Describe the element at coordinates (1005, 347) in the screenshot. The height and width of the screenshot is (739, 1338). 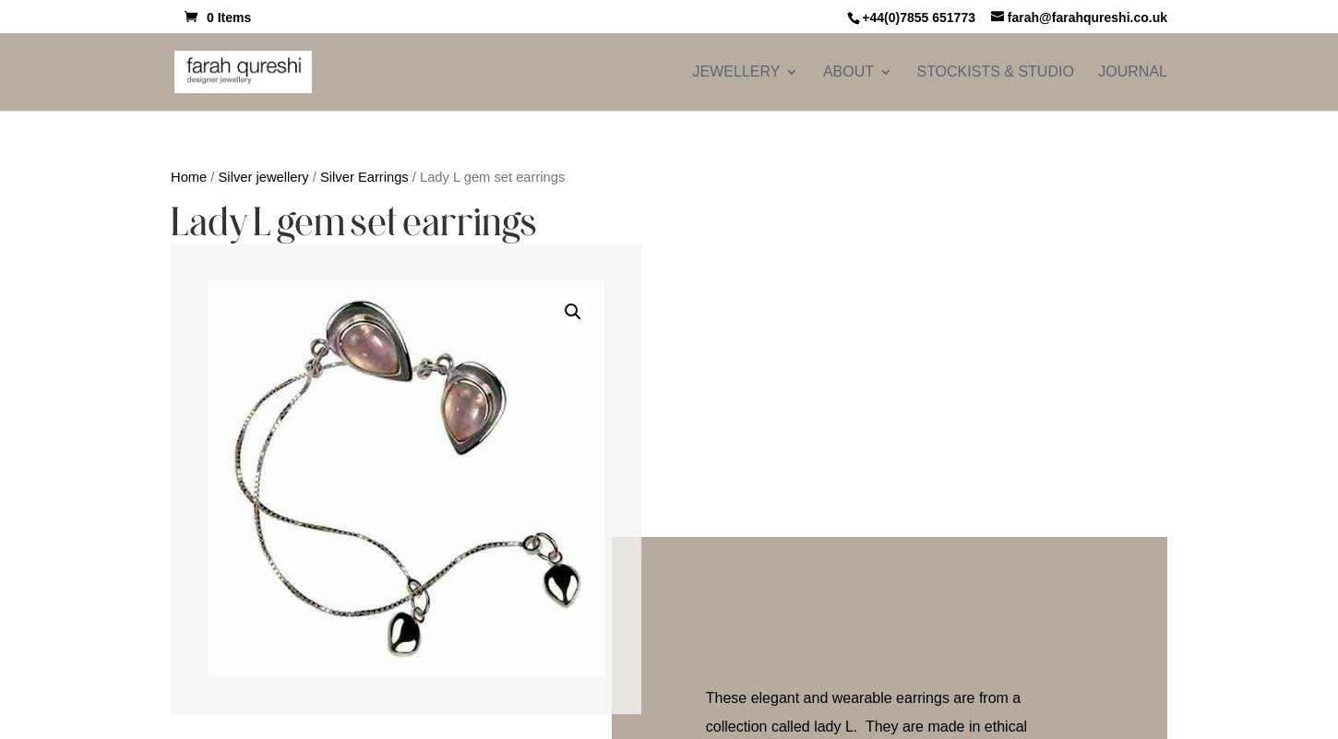
I see `'View All Gold Jewellery'` at that location.